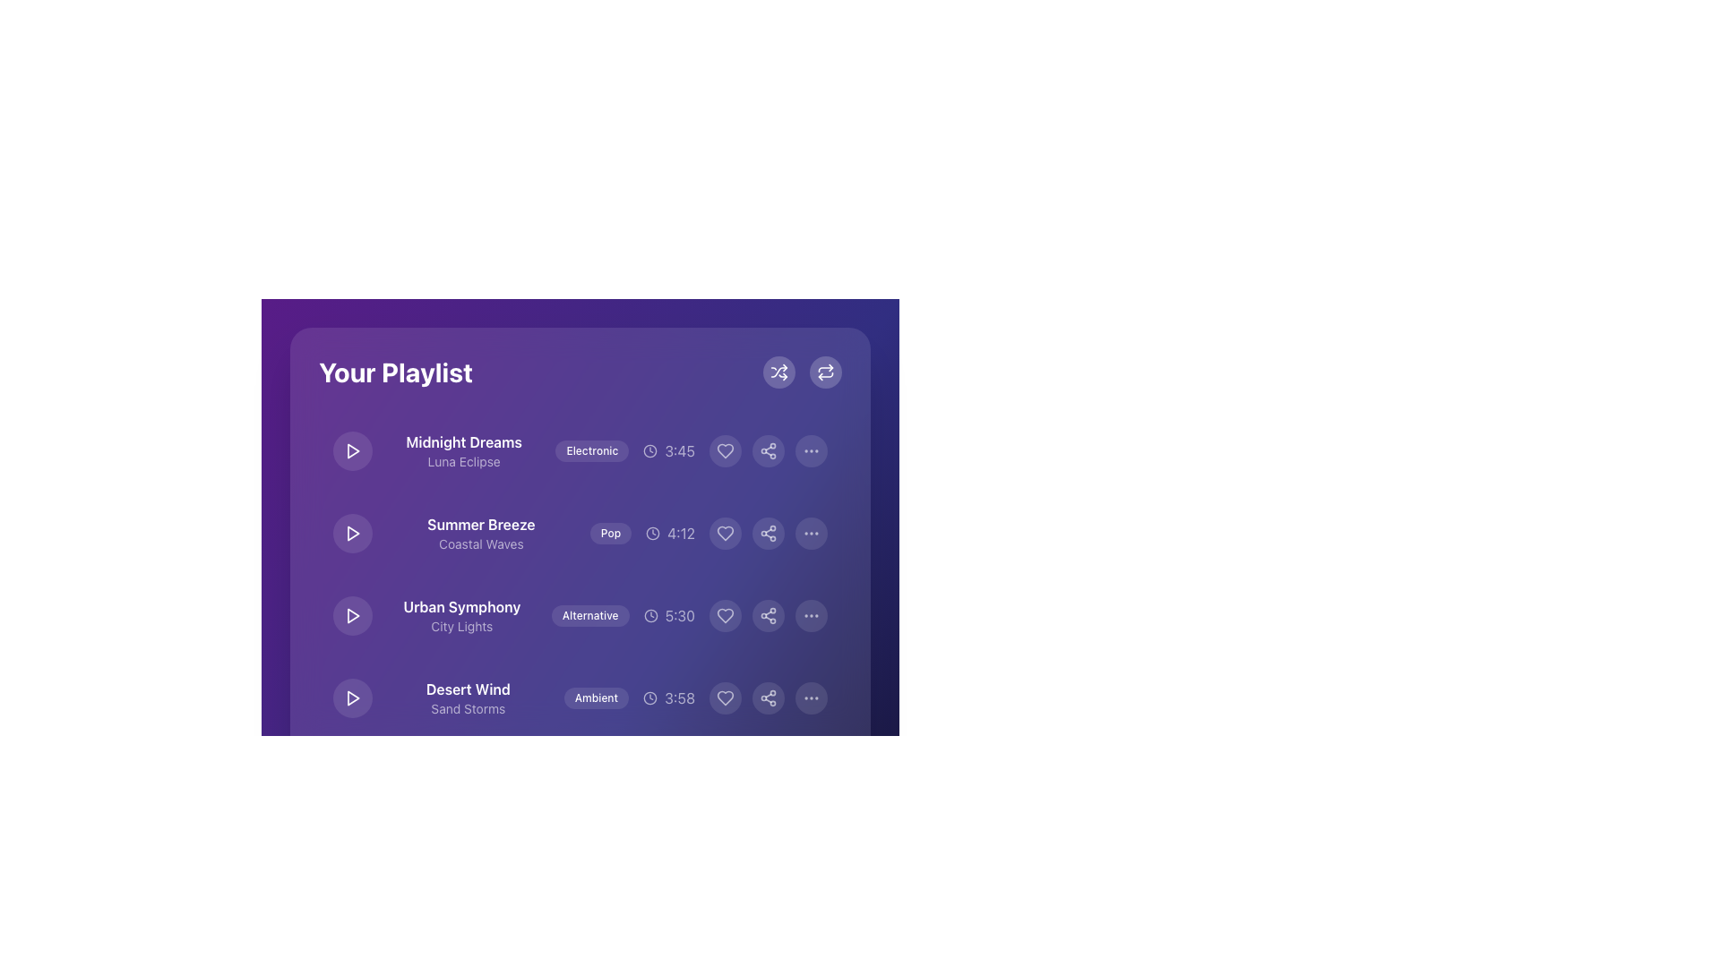 The image size is (1720, 967). I want to click on the clock icon located in the bottom row of the playlist interface, specifically near the 'Desert Wind - Ambient' track, which indicates time-related information, so click(649, 697).